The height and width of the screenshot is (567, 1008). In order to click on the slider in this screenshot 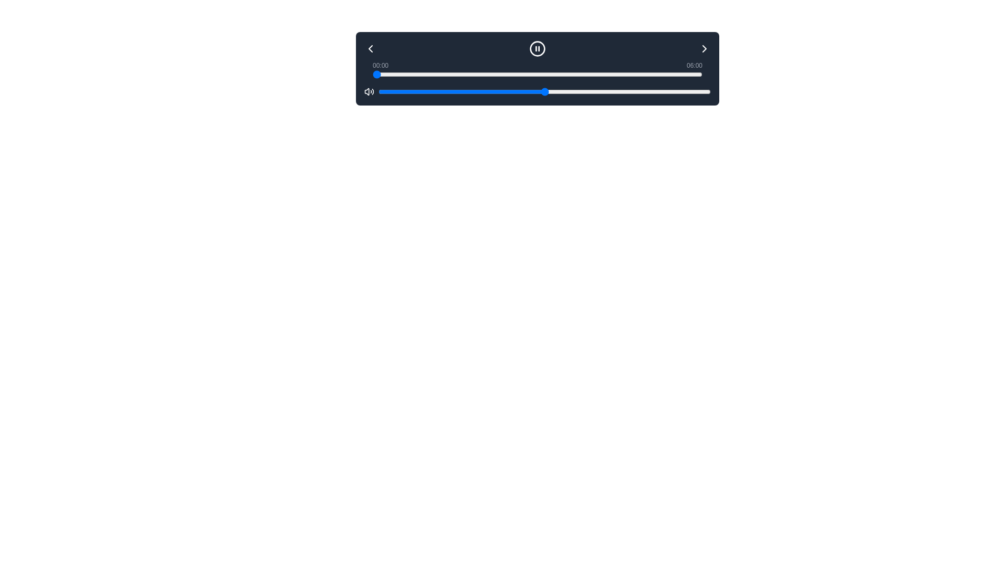, I will do `click(541, 91)`.